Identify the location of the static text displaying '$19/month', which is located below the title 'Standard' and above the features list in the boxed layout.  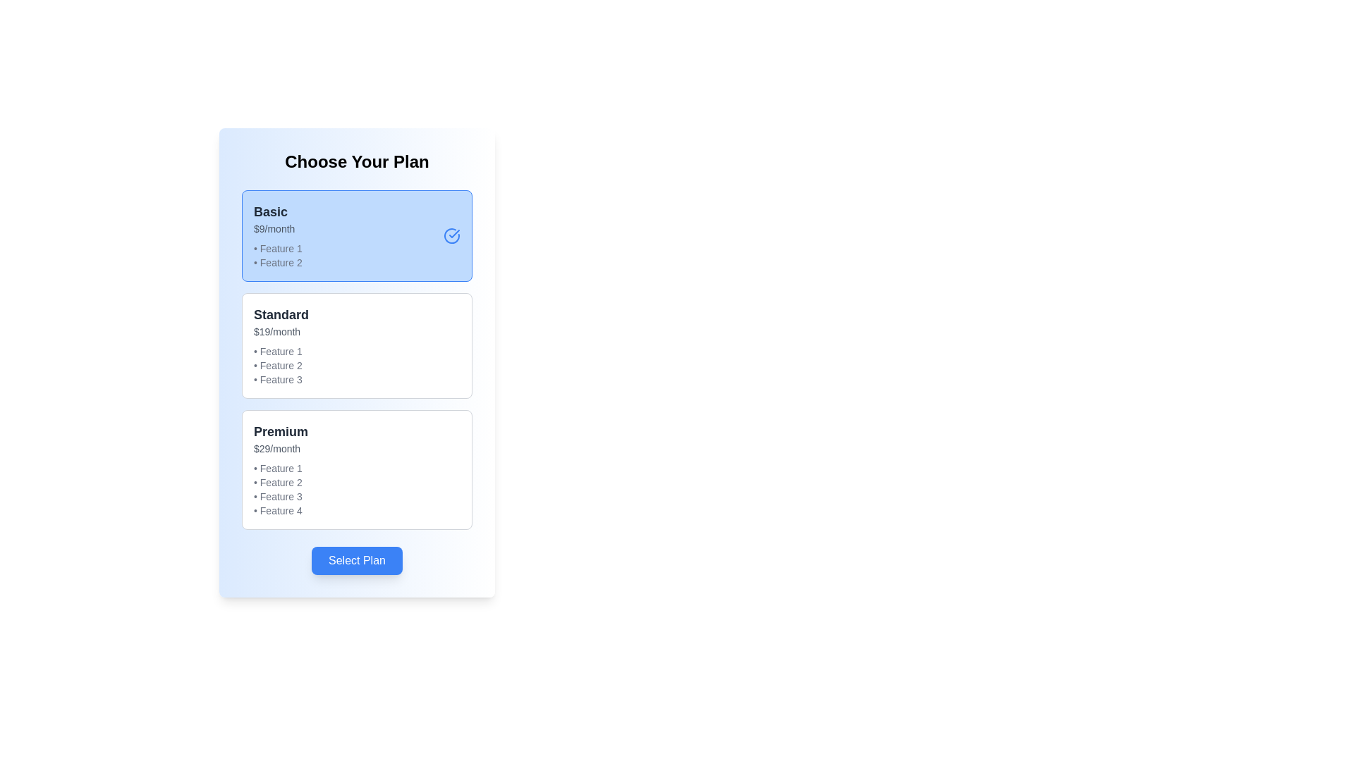
(281, 331).